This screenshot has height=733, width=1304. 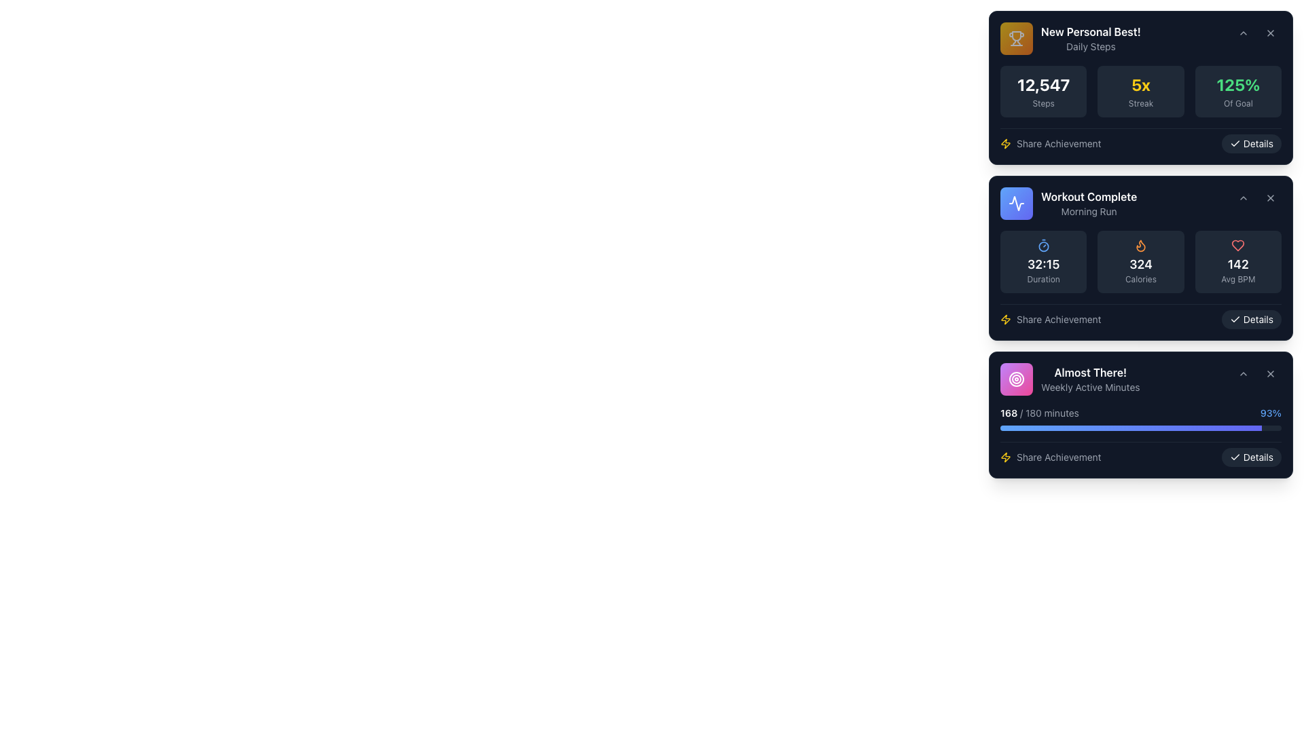 I want to click on the value of the streak multiplier displayed in the label located within the 'New Personal Best!' section of the achievements card, positioned centrally in the upper half, to the right of the '12,547 Steps' display and to the left of '125% Of Goal.', so click(x=1141, y=84).